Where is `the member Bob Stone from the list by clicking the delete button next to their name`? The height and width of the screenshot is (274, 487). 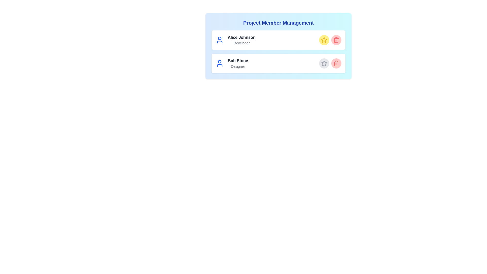 the member Bob Stone from the list by clicking the delete button next to their name is located at coordinates (336, 63).